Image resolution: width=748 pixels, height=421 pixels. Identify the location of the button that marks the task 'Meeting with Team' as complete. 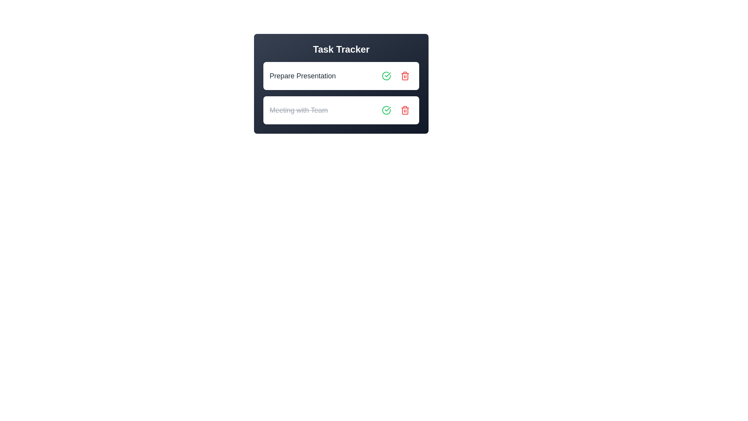
(386, 110).